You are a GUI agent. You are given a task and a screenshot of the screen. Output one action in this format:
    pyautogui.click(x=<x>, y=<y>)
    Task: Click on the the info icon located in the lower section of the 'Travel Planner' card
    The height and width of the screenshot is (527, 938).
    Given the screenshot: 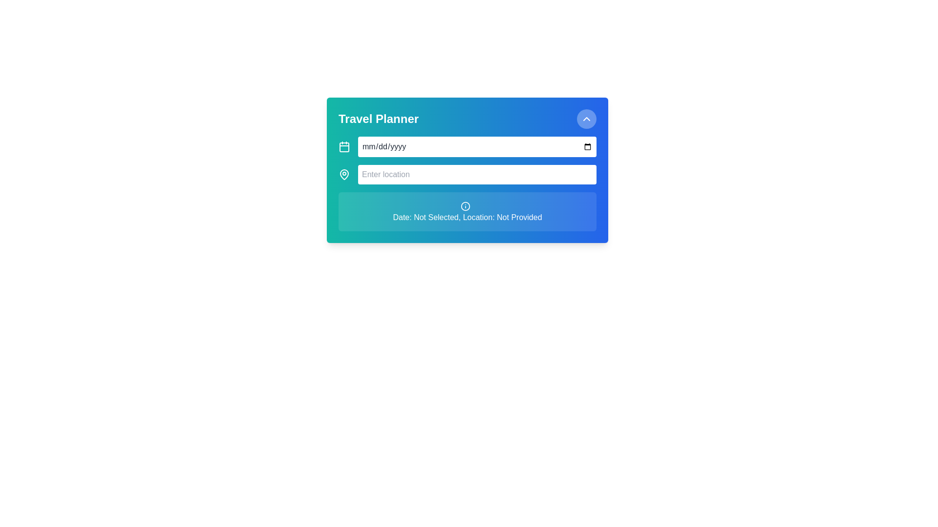 What is the action you would take?
    pyautogui.click(x=465, y=205)
    